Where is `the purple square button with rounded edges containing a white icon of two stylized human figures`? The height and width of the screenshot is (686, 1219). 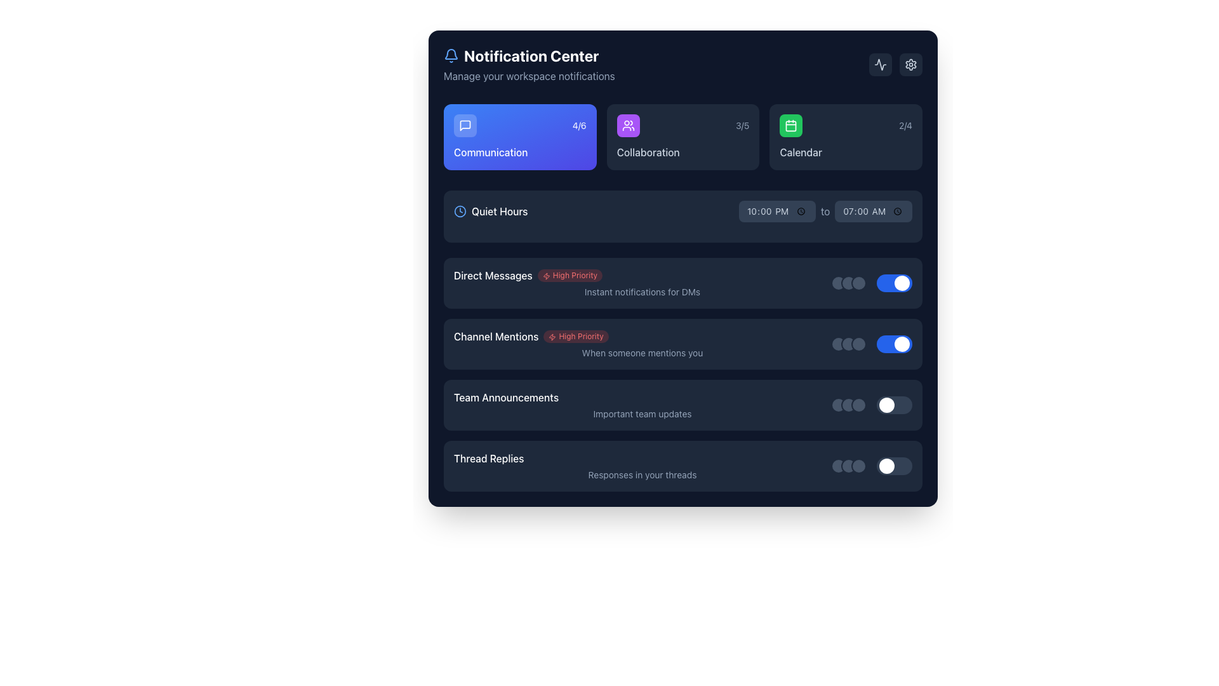 the purple square button with rounded edges containing a white icon of two stylized human figures is located at coordinates (628, 125).